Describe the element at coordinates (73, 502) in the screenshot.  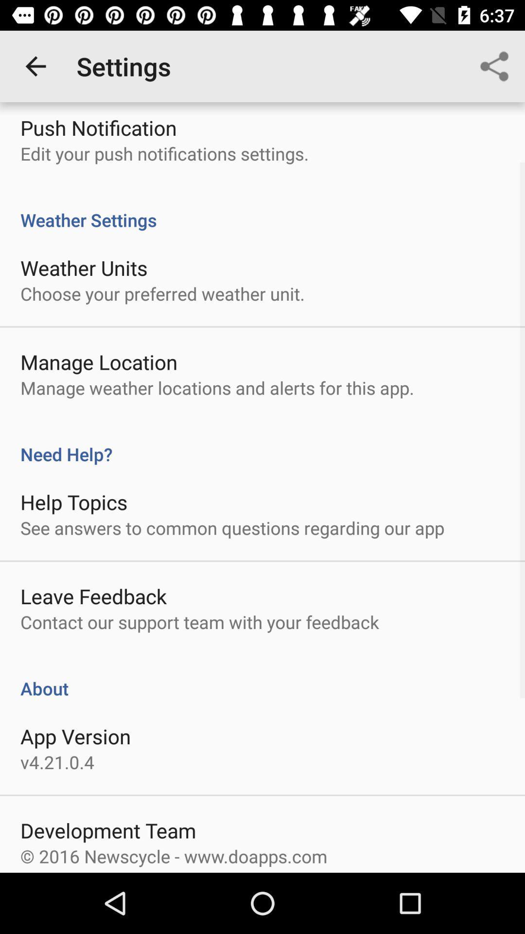
I see `help topics icon` at that location.